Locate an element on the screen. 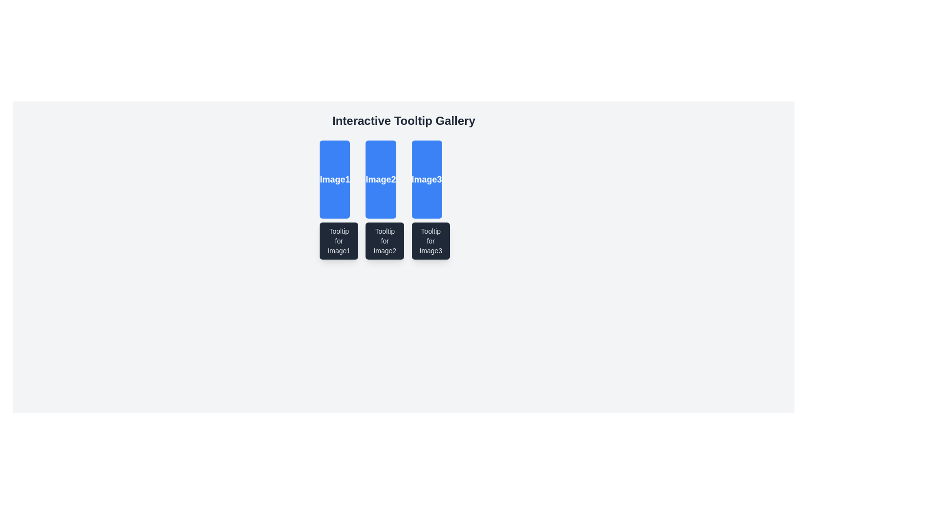 The width and height of the screenshot is (937, 527). the interactive panel for 'Image3' located in the Interactive Tooltip Gallery to initiate interaction is located at coordinates (427, 179).